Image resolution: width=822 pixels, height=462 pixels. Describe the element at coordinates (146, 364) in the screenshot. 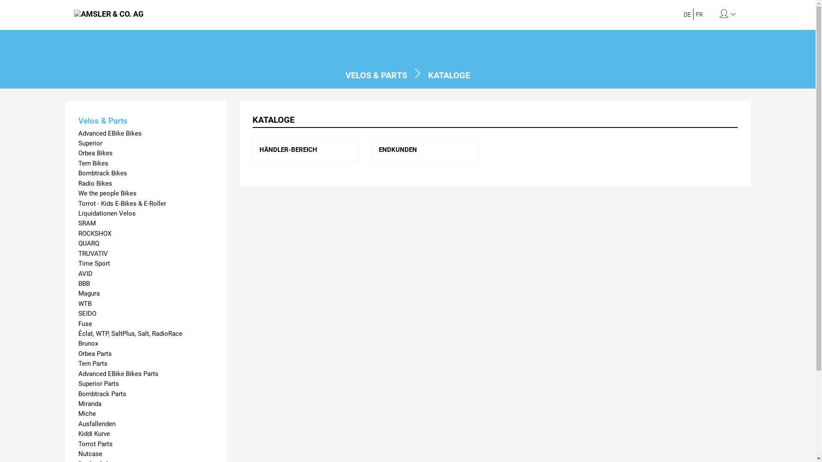

I see `'Tern Parts'` at that location.